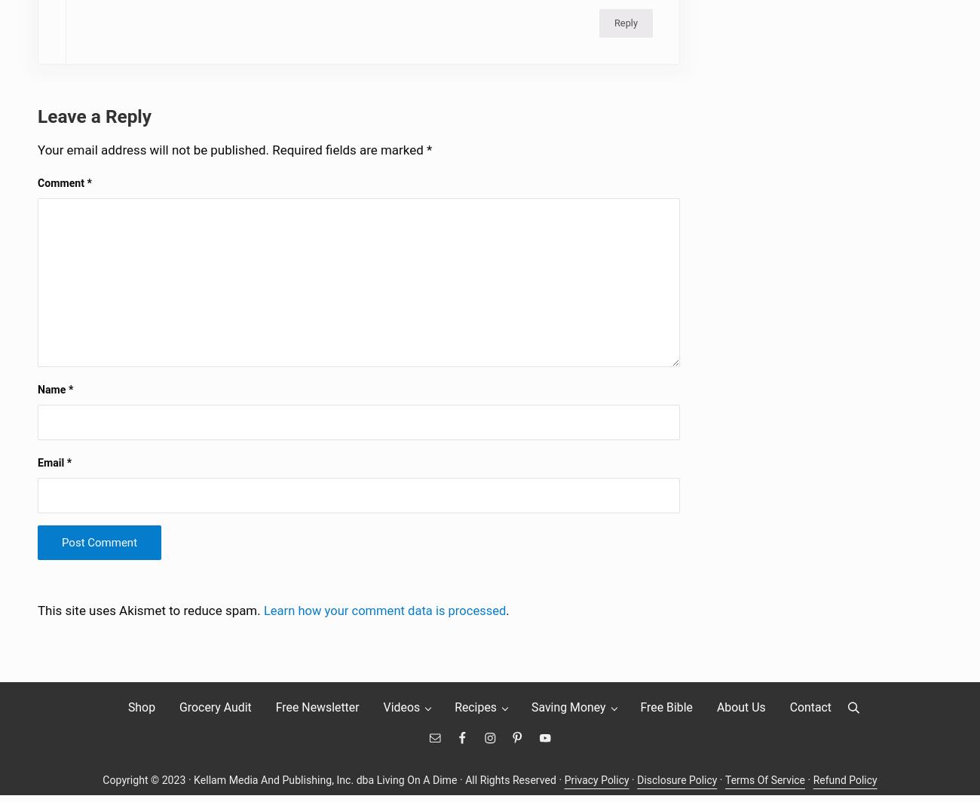 The width and height of the screenshot is (980, 802). I want to click on 'Refund Policy', so click(845, 790).